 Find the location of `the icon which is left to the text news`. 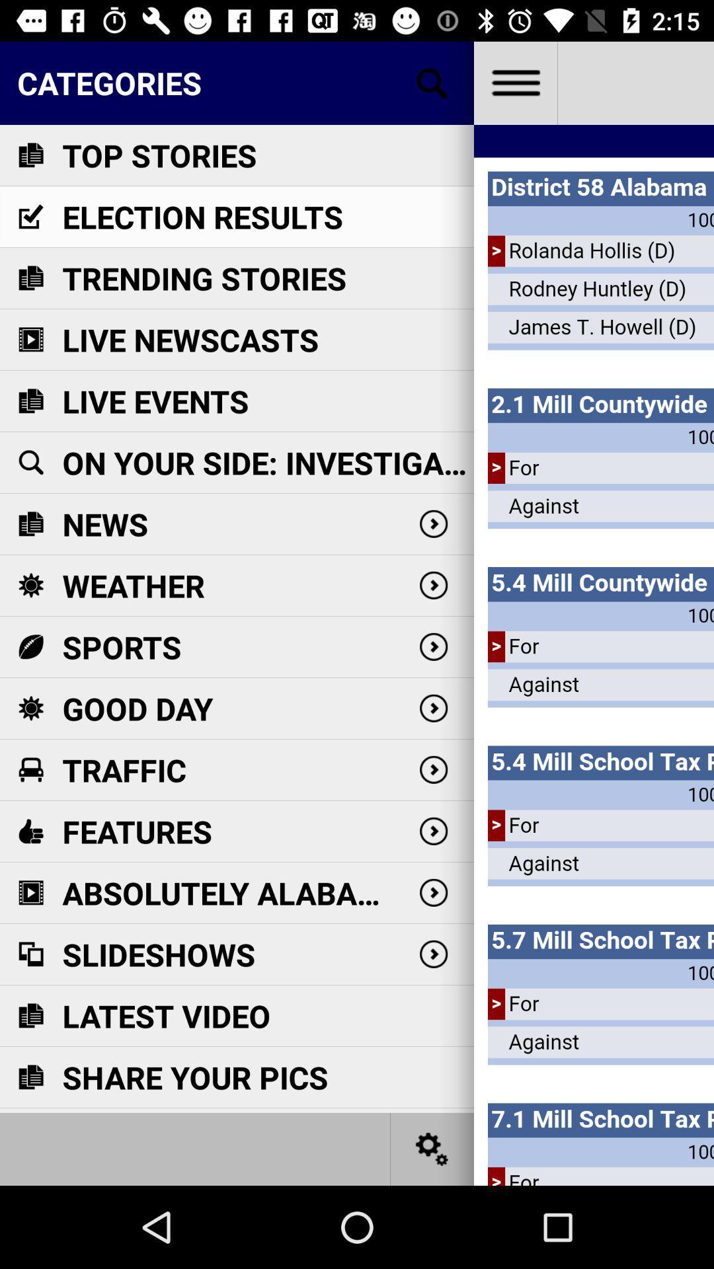

the icon which is left to the text news is located at coordinates (30, 523).